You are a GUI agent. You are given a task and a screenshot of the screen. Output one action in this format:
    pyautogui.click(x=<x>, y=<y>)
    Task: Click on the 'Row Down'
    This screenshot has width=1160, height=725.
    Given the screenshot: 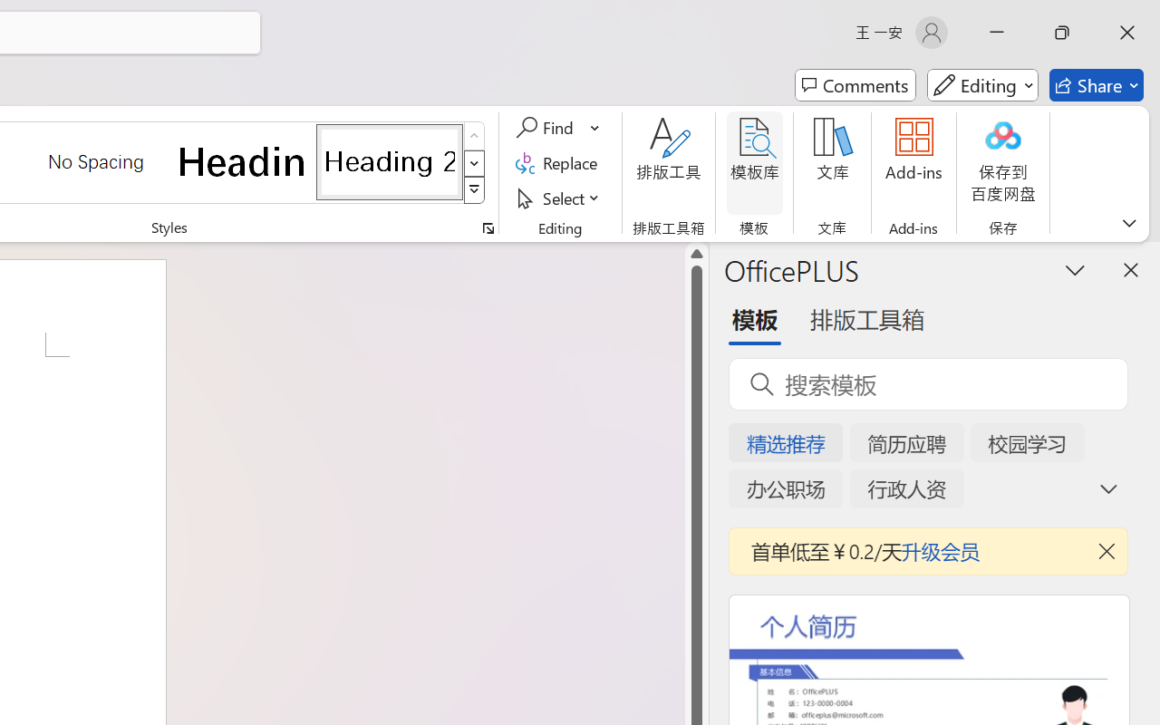 What is the action you would take?
    pyautogui.click(x=474, y=162)
    